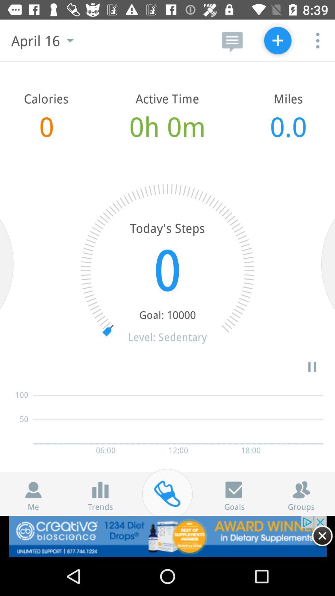 The image size is (335, 596). I want to click on the pause icon, so click(312, 367).